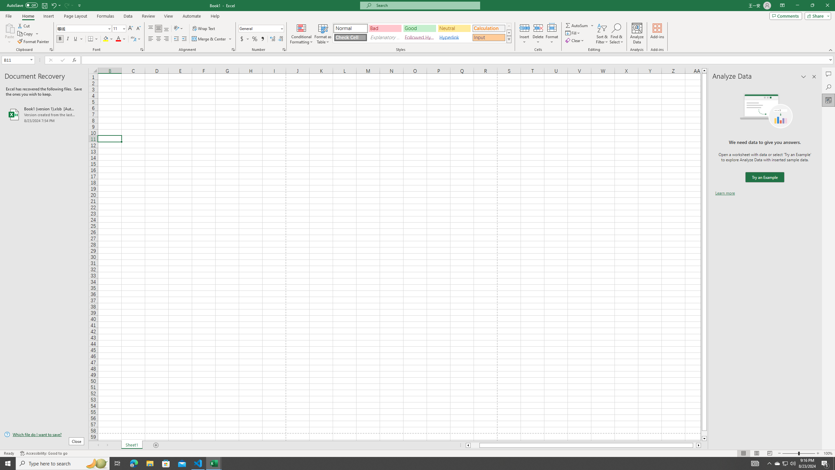 The width and height of the screenshot is (835, 470). I want to click on 'Sort & Filter', so click(601, 34).